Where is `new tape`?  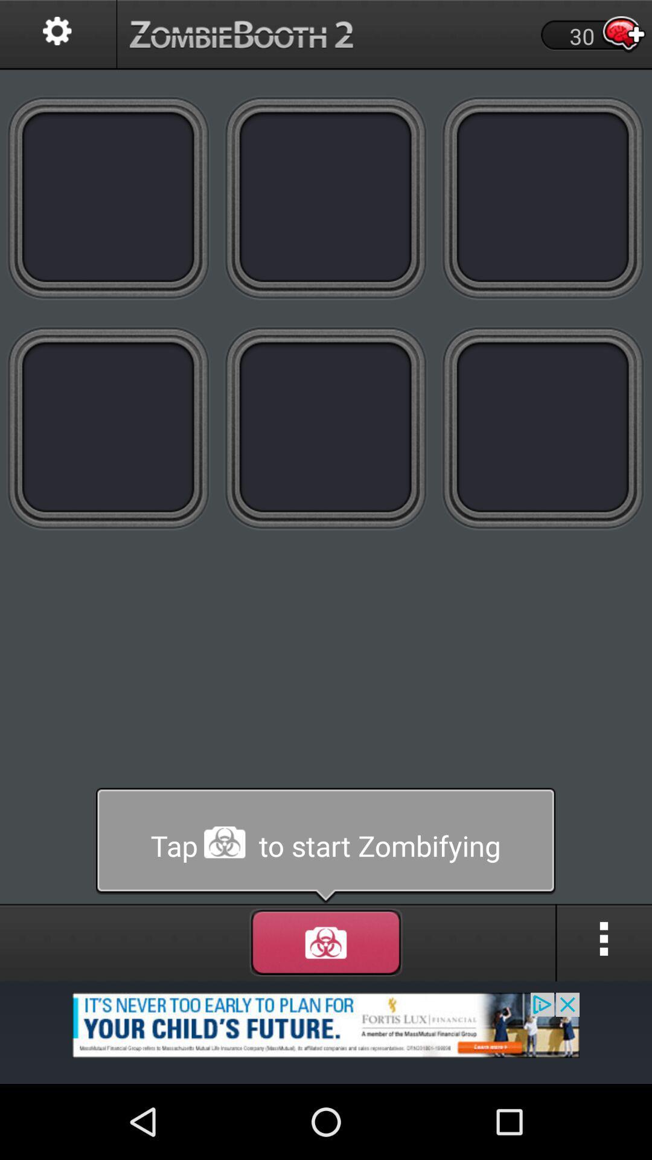
new tape is located at coordinates (542, 197).